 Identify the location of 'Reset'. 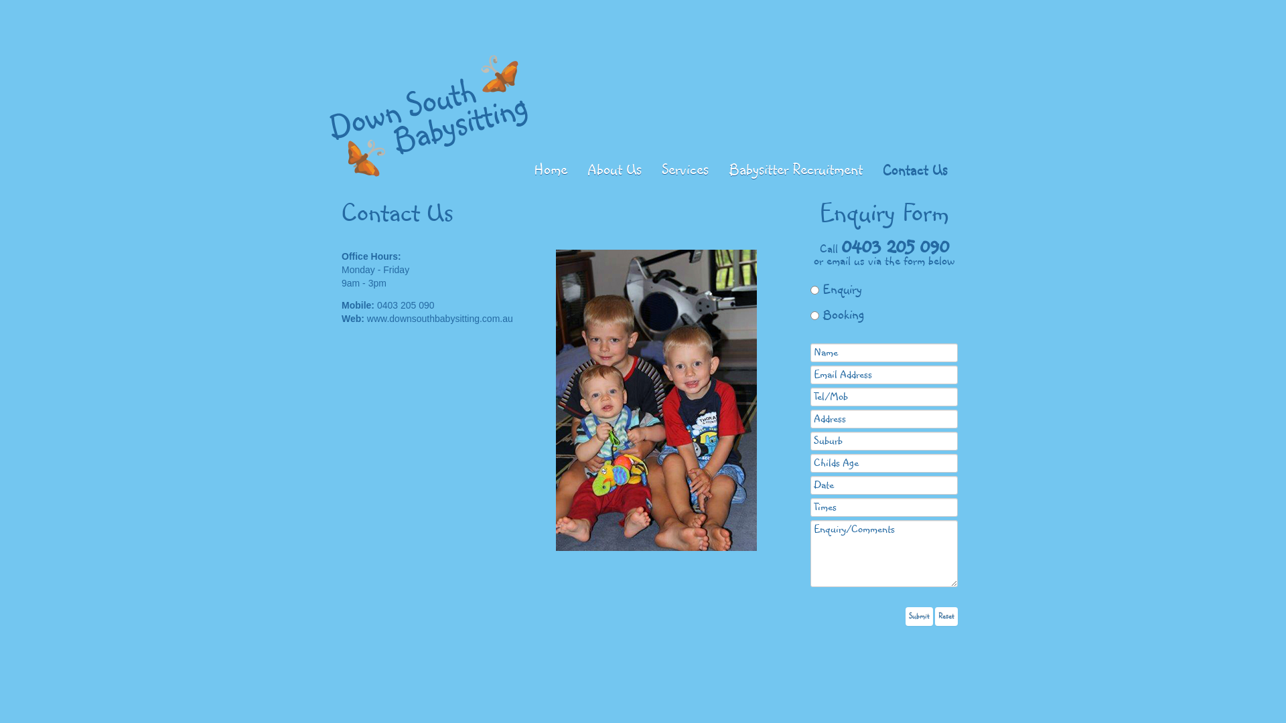
(945, 616).